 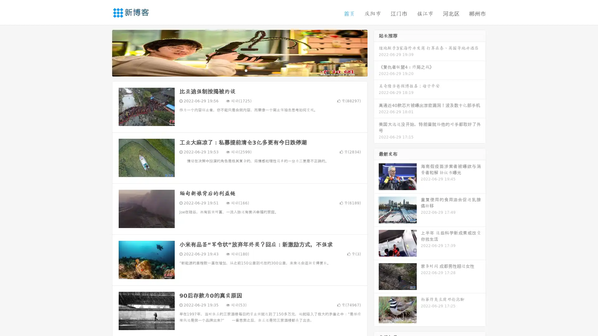 What do you see at coordinates (376, 52) in the screenshot?
I see `Next slide` at bounding box center [376, 52].